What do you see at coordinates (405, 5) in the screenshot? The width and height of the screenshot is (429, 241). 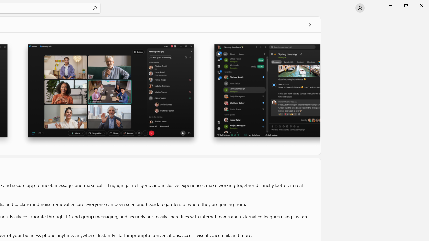 I see `'Restore Microsoft Store'` at bounding box center [405, 5].